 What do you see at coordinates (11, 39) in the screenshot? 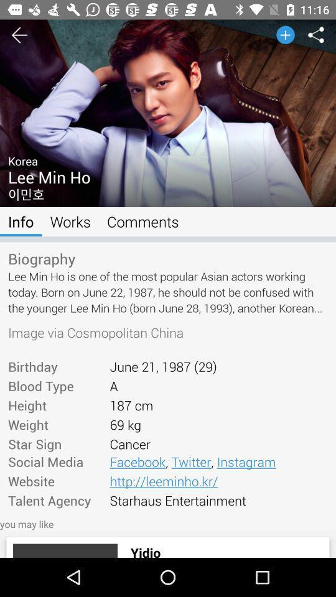
I see `the arrow_backward icon` at bounding box center [11, 39].